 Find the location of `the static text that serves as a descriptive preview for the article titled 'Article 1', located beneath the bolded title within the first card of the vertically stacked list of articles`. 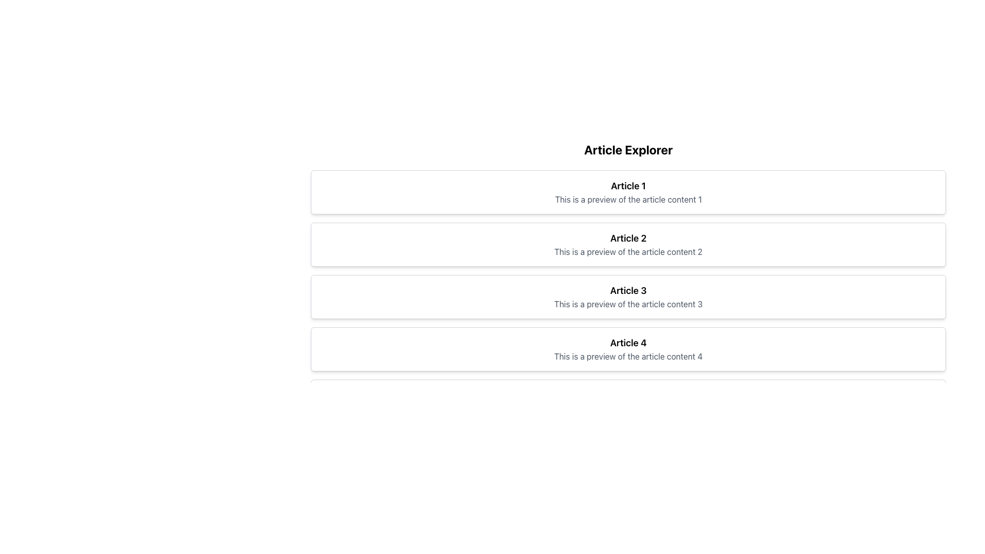

the static text that serves as a descriptive preview for the article titled 'Article 1', located beneath the bolded title within the first card of the vertically stacked list of articles is located at coordinates (627, 200).